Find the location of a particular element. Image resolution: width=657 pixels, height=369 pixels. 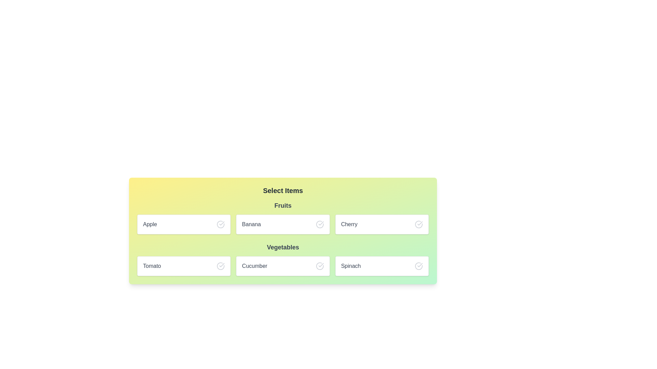

the circular SVG icon with a checkmark inside, located to the right of the label text 'Cucumber' in the 'Vegetables' row is located at coordinates (319, 266).